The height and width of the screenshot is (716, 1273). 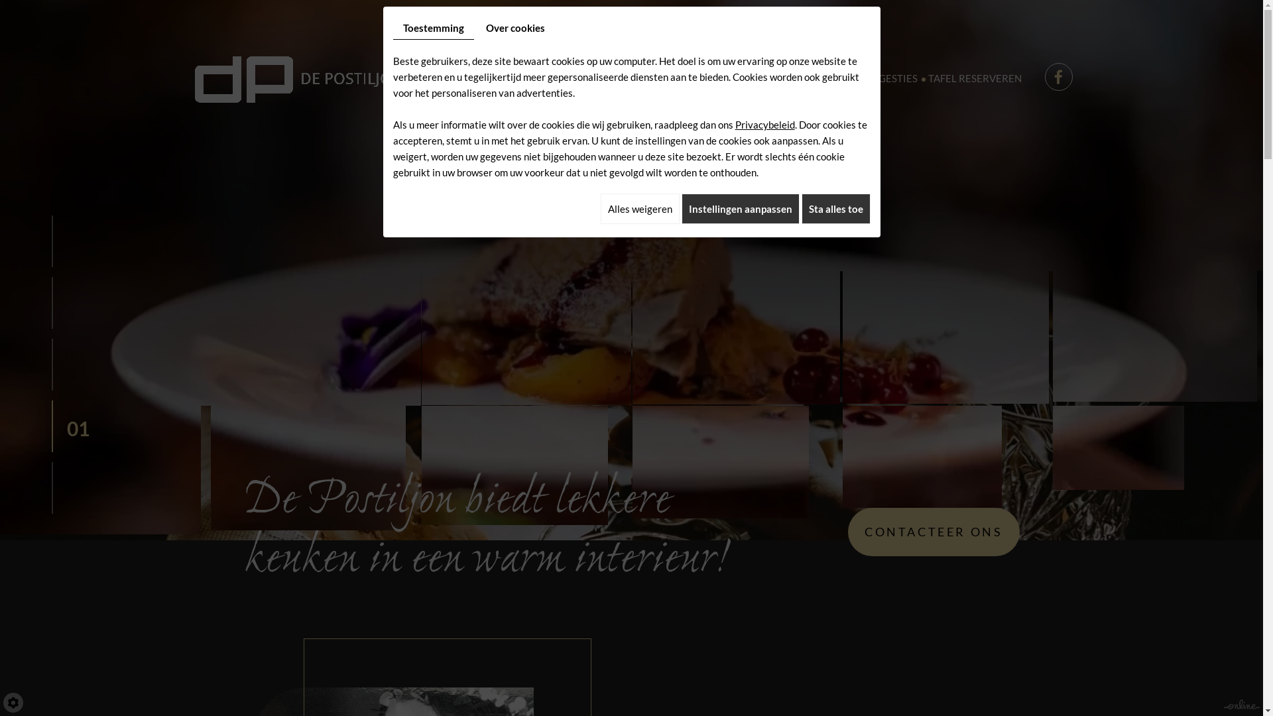 What do you see at coordinates (297, 76) in the screenshot?
I see `'Brasserie-Restaurant De Postiljon - Restaurant'` at bounding box center [297, 76].